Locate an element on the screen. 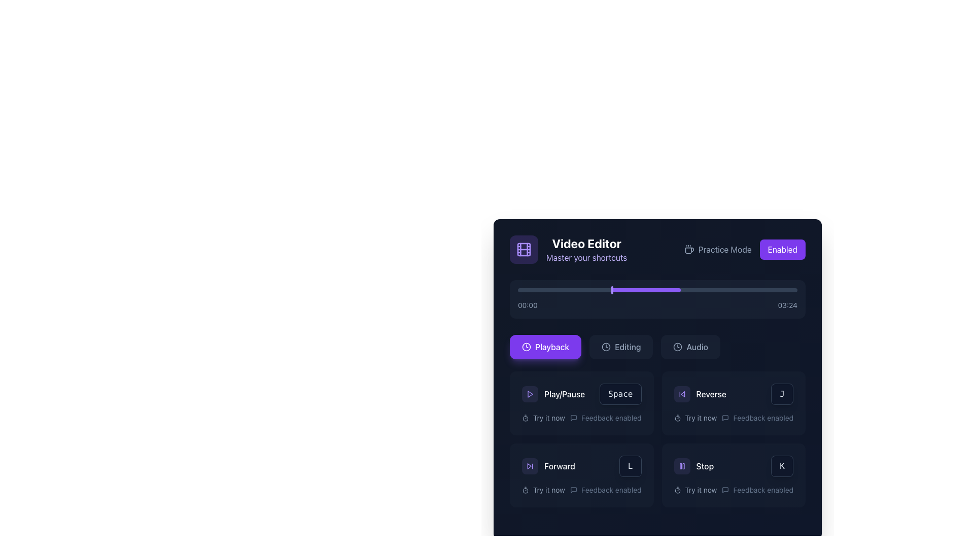  the circular clock icon located to the left of the 'Audio' button, which is positioned at the top-right section of the interface is located at coordinates (678, 346).